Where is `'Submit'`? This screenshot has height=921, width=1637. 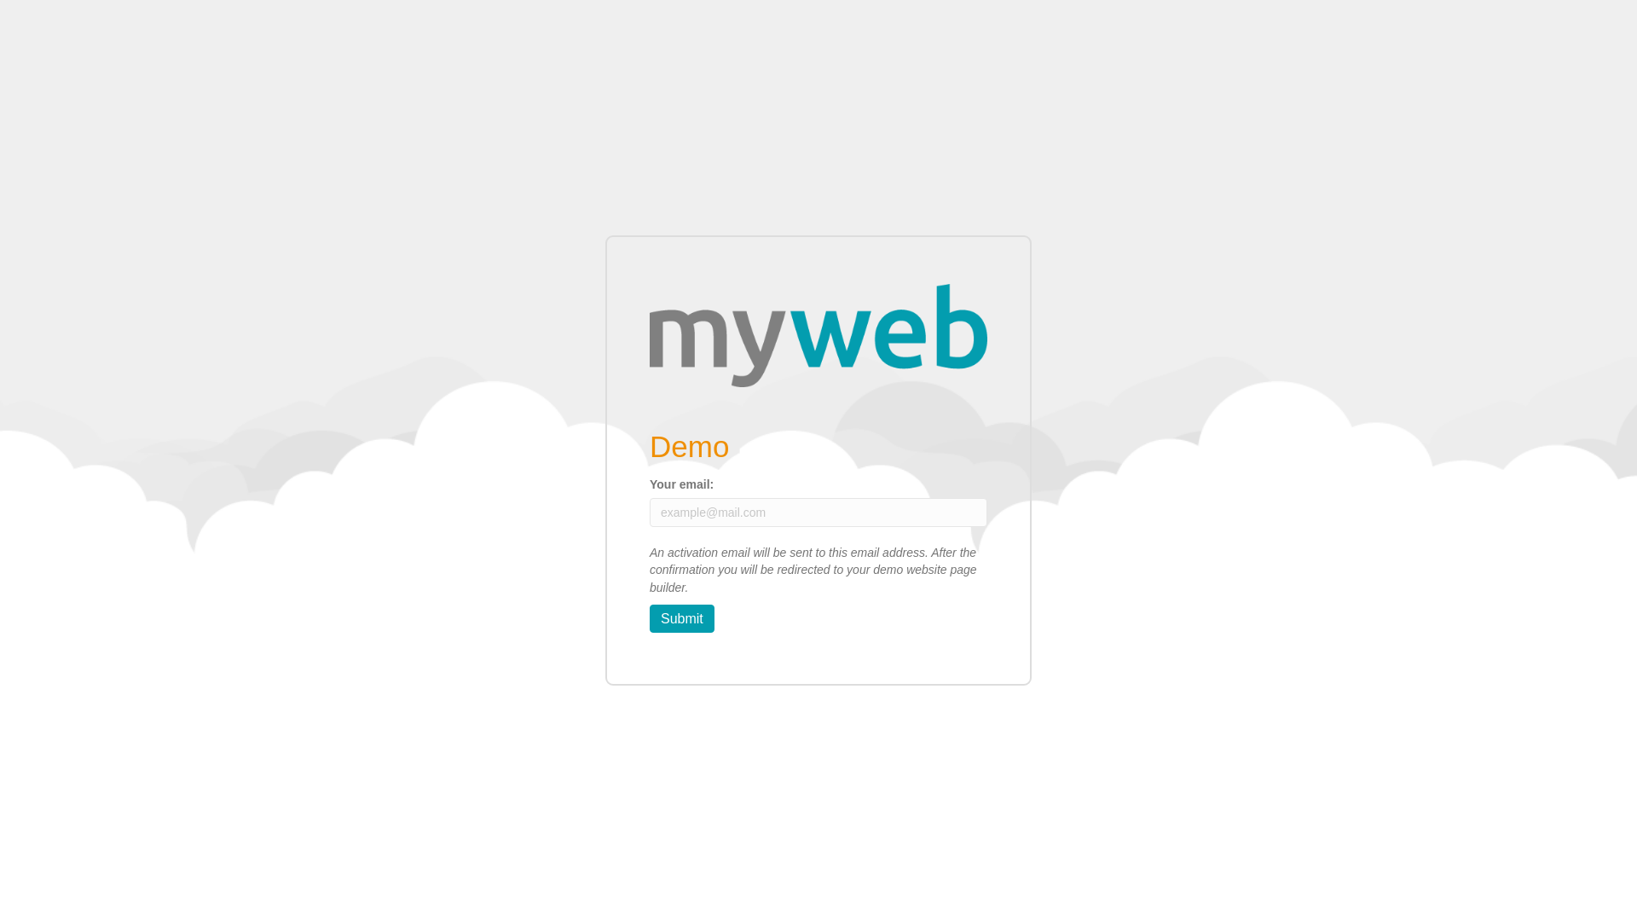
'Submit' is located at coordinates (682, 618).